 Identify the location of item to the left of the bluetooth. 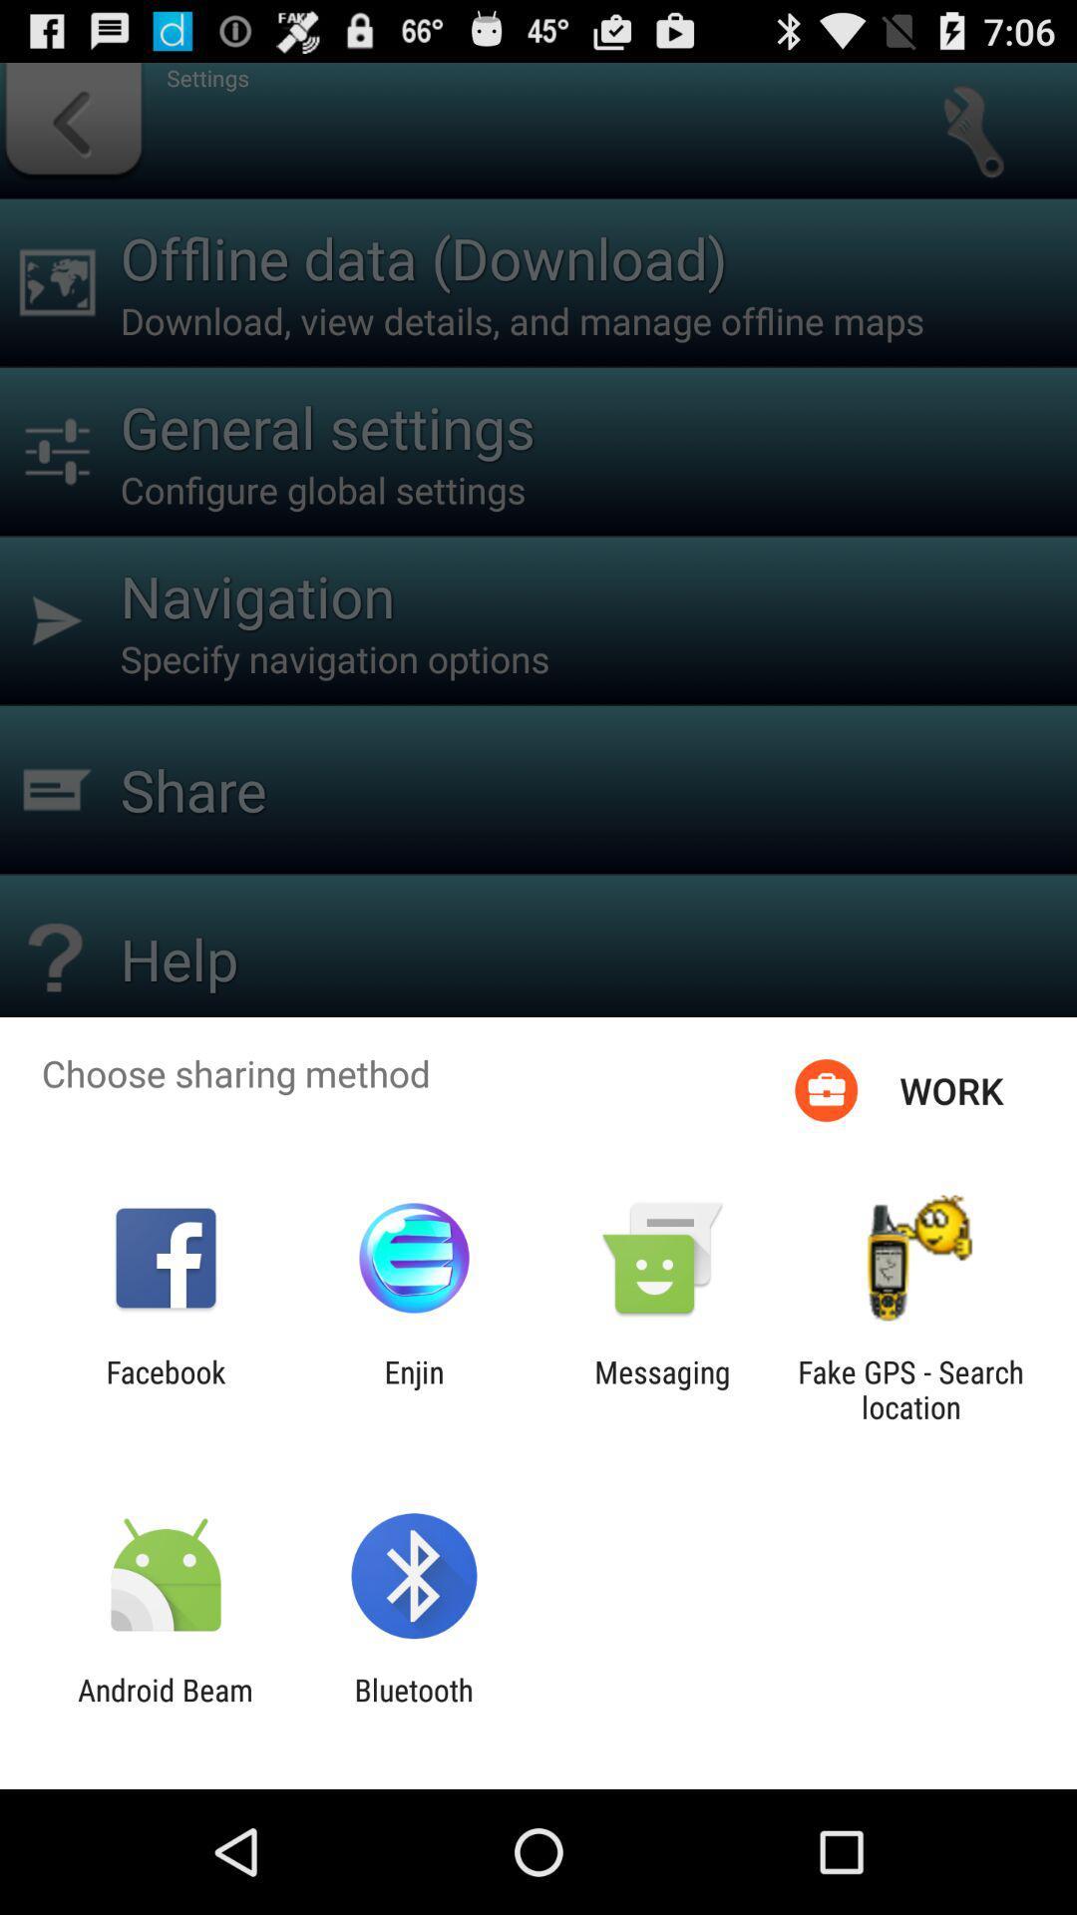
(165, 1707).